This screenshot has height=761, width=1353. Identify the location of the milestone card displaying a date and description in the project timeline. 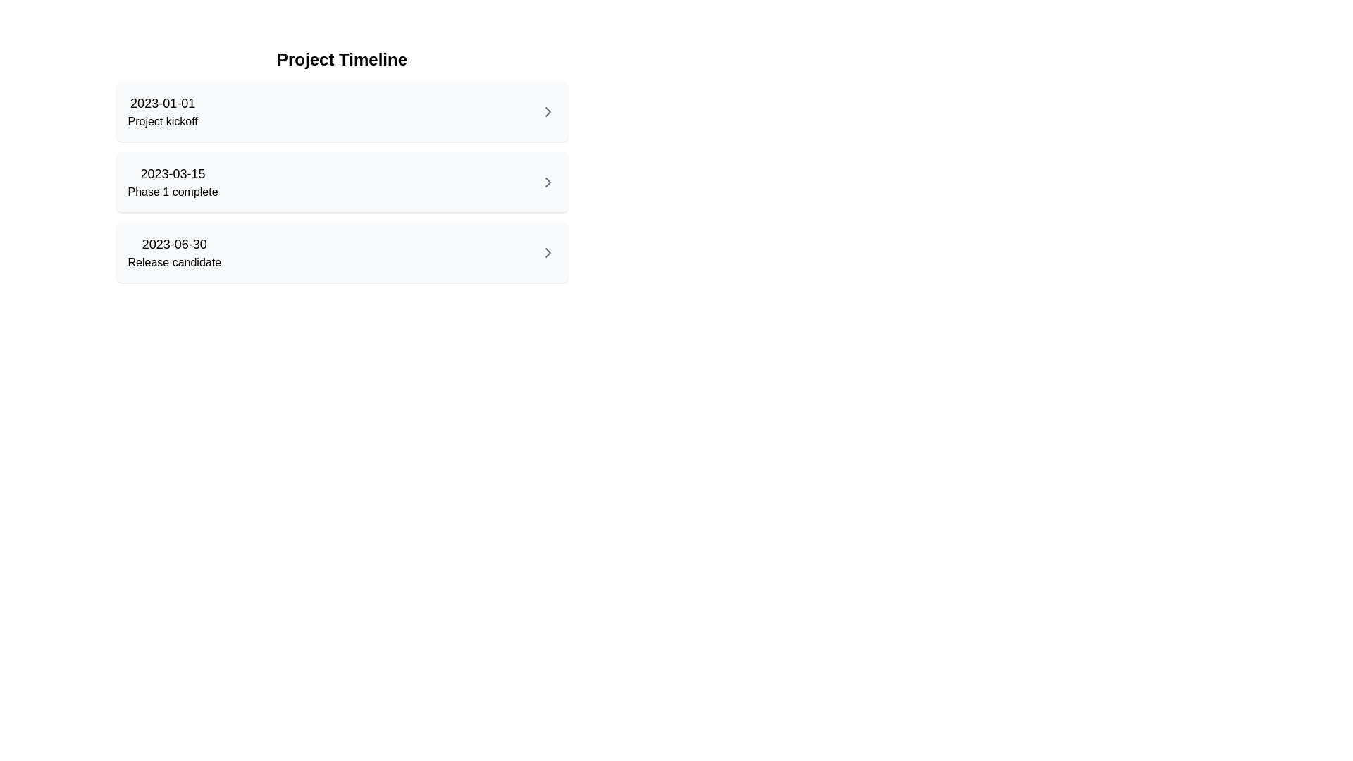
(342, 181).